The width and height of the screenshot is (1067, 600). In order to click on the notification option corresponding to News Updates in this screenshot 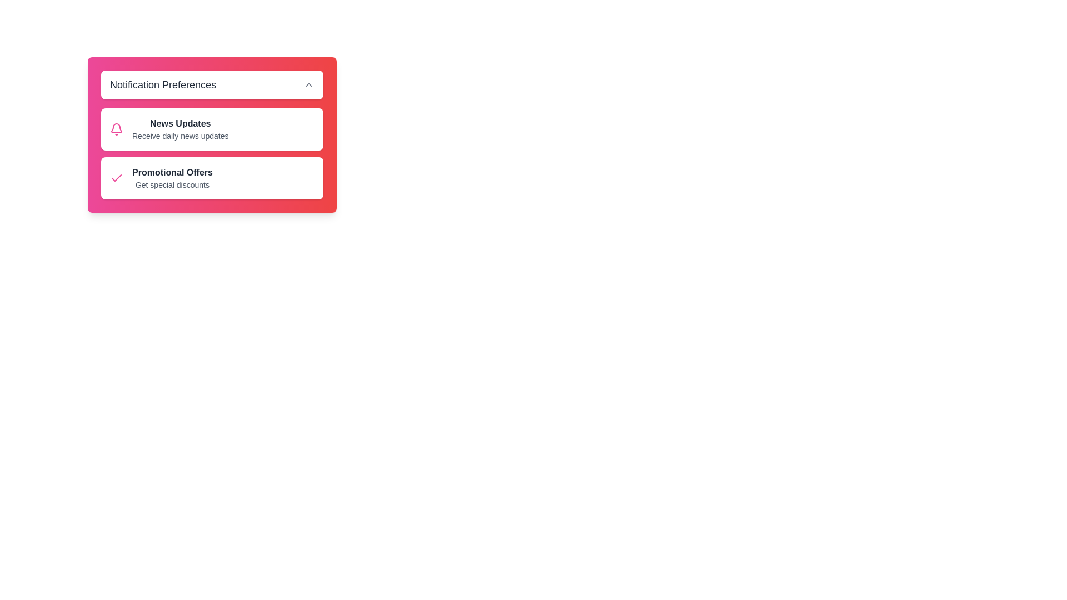, I will do `click(117, 128)`.